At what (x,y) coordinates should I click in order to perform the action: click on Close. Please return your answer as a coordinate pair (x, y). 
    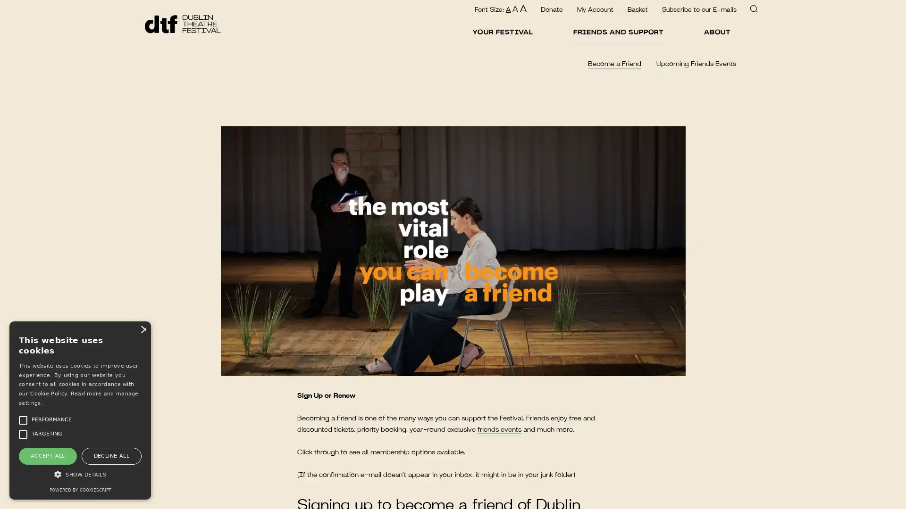
    Looking at the image, I should click on (142, 328).